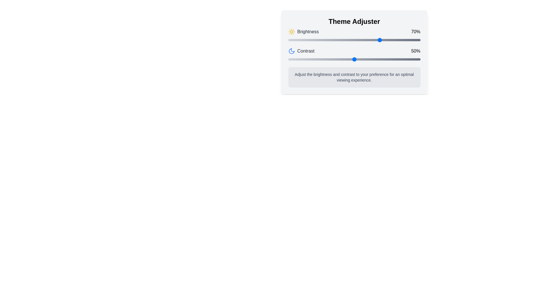  What do you see at coordinates (354, 51) in the screenshot?
I see `the Contrast adjustment section` at bounding box center [354, 51].